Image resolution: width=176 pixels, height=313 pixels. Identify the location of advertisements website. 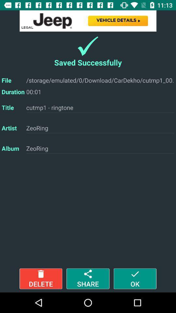
(88, 21).